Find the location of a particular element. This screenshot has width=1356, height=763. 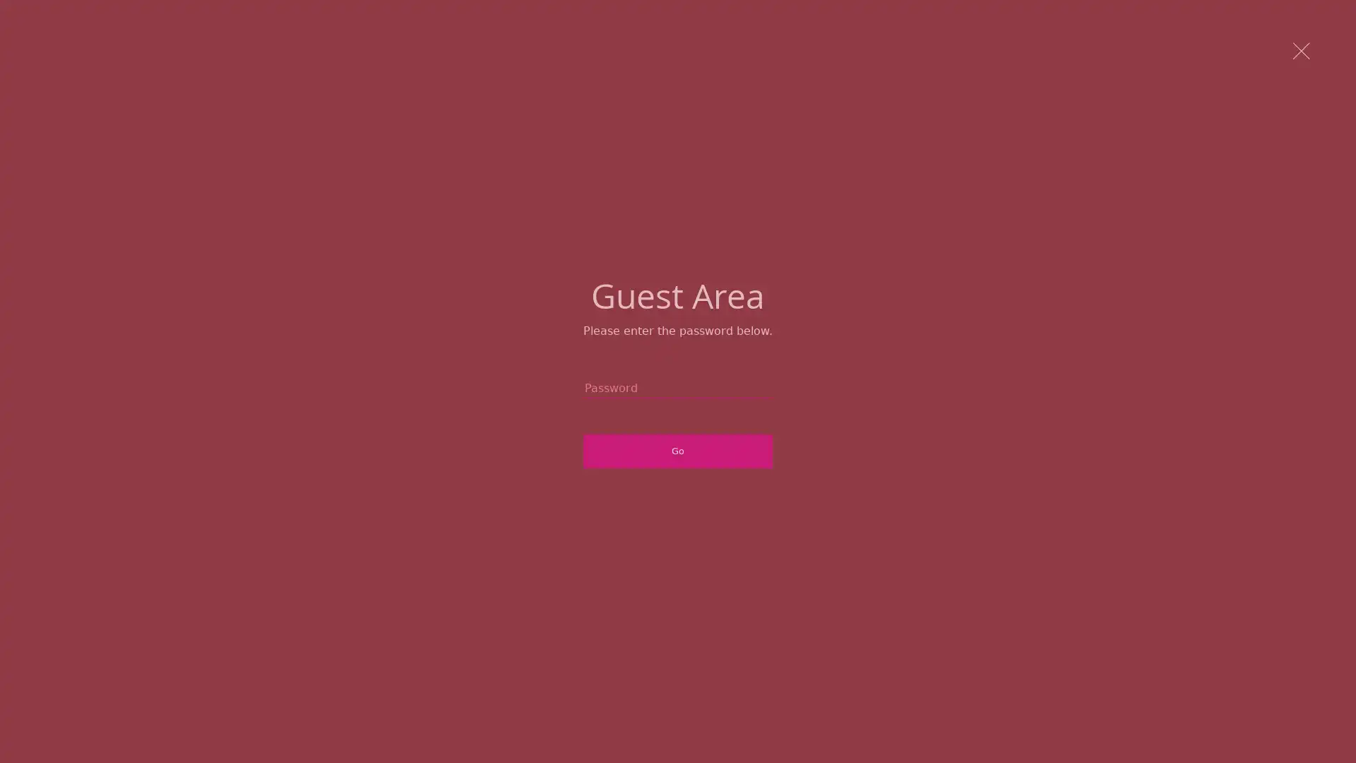

Go is located at coordinates (678, 451).